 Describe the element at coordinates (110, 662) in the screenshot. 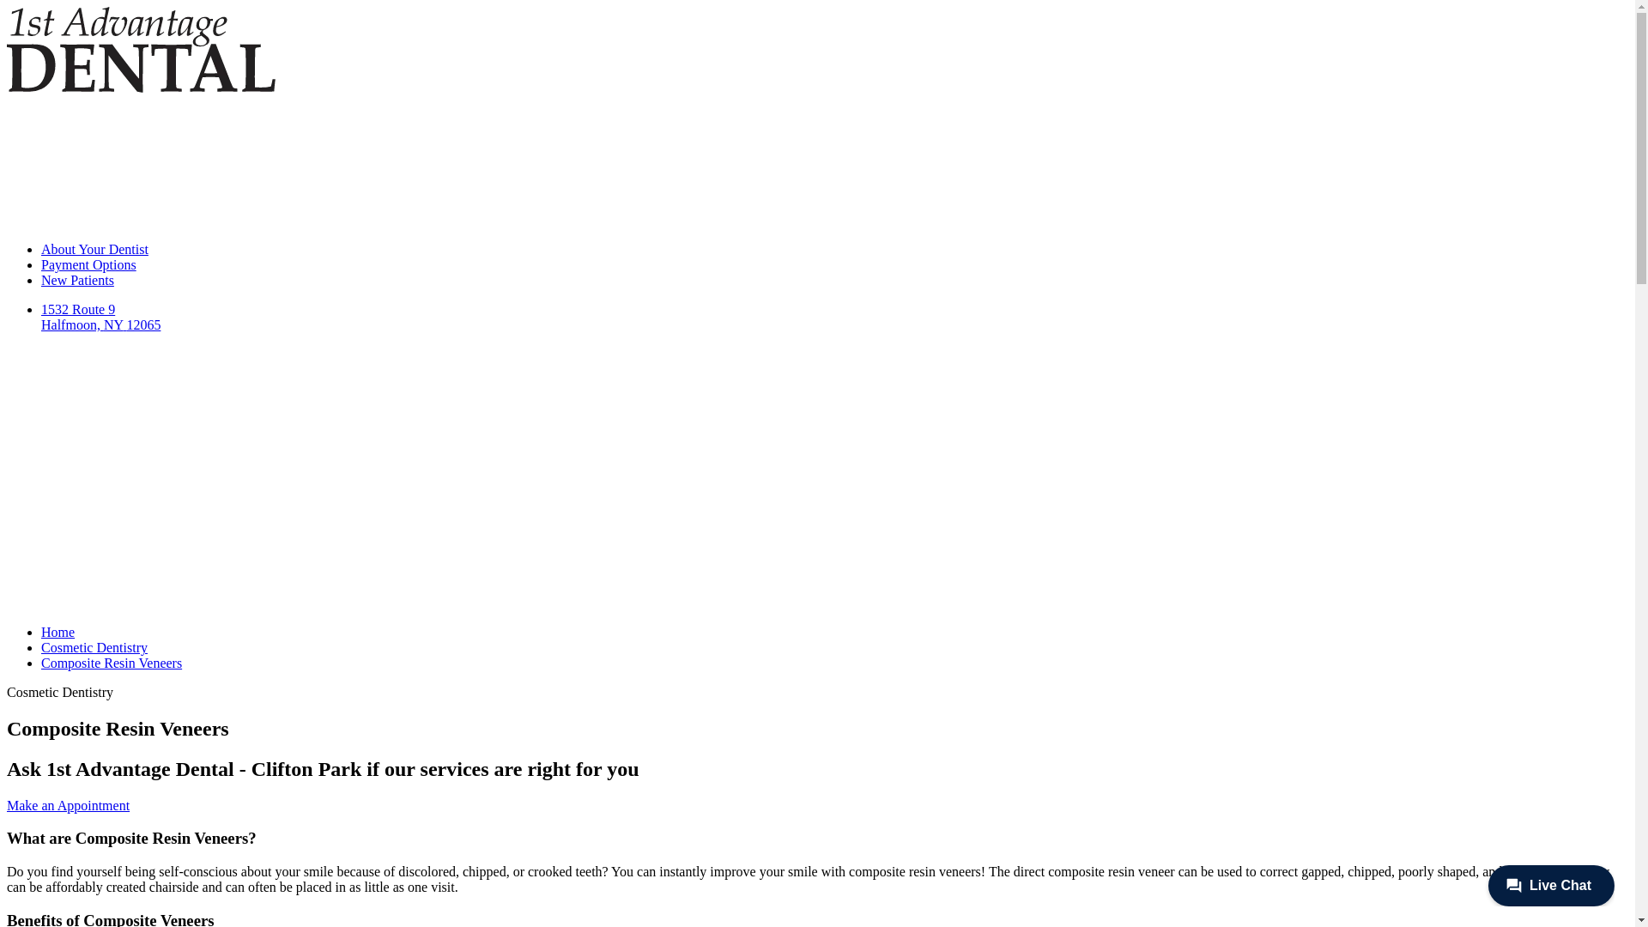

I see `'Composite Resin Veneers'` at that location.